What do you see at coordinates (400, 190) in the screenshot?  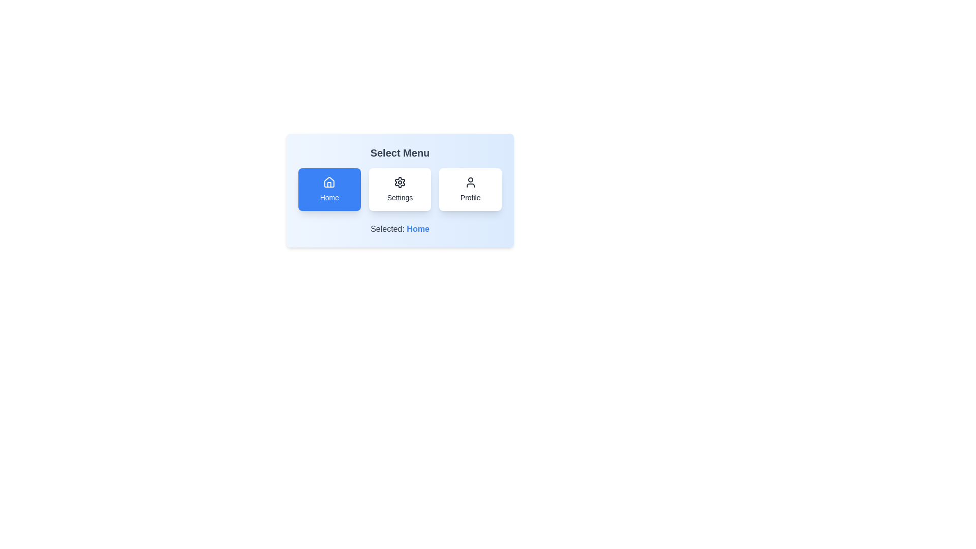 I see `the menu button corresponding to Settings to observe the hover effect` at bounding box center [400, 190].